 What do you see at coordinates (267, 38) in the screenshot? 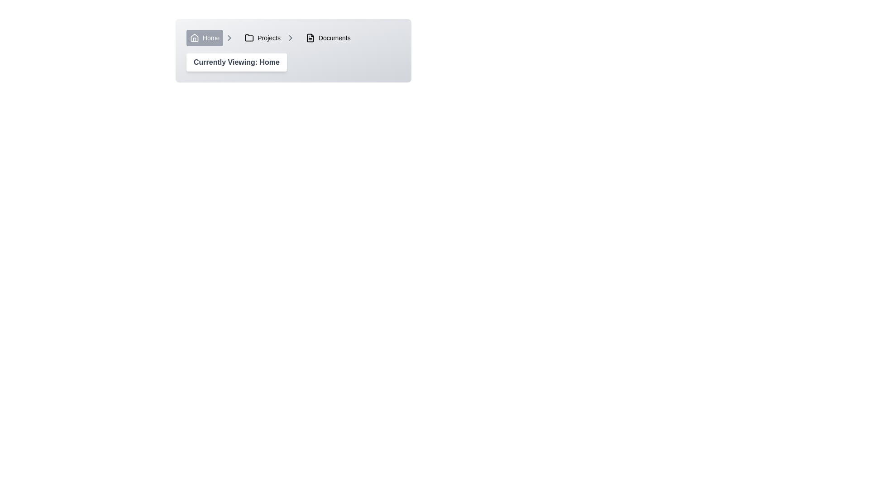
I see `the clickable navigation item labeled 'Projects' in the breadcrumb navigation bar` at bounding box center [267, 38].